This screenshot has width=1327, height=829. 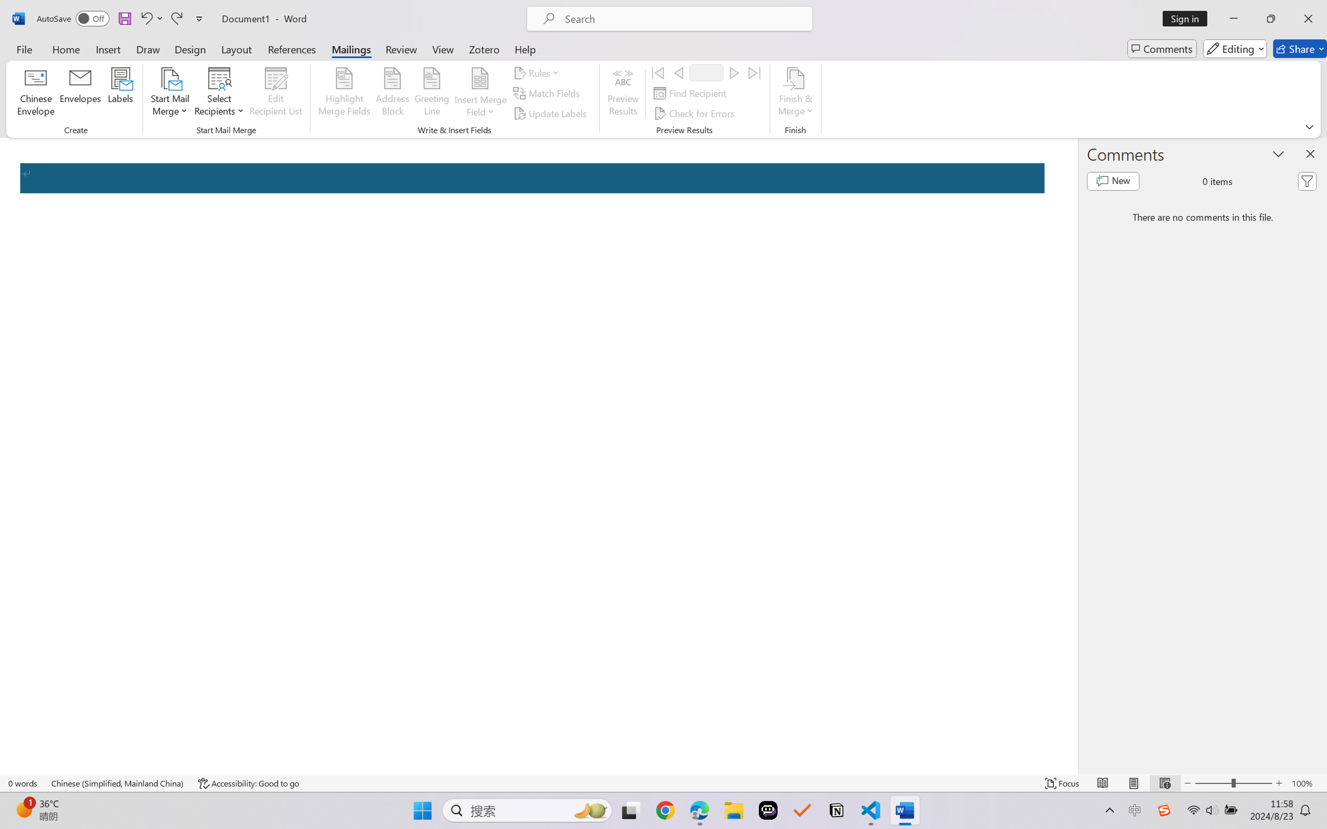 What do you see at coordinates (276, 93) in the screenshot?
I see `'Edit Recipient List...'` at bounding box center [276, 93].